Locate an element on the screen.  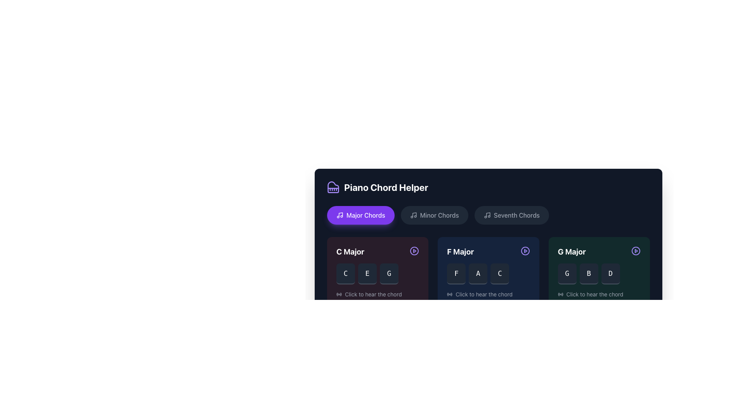
the interactive text button labeled 'Click to hear the chord' with a speaker icon, located in the F Major chord section for potential visual feedback is located at coordinates (488, 294).